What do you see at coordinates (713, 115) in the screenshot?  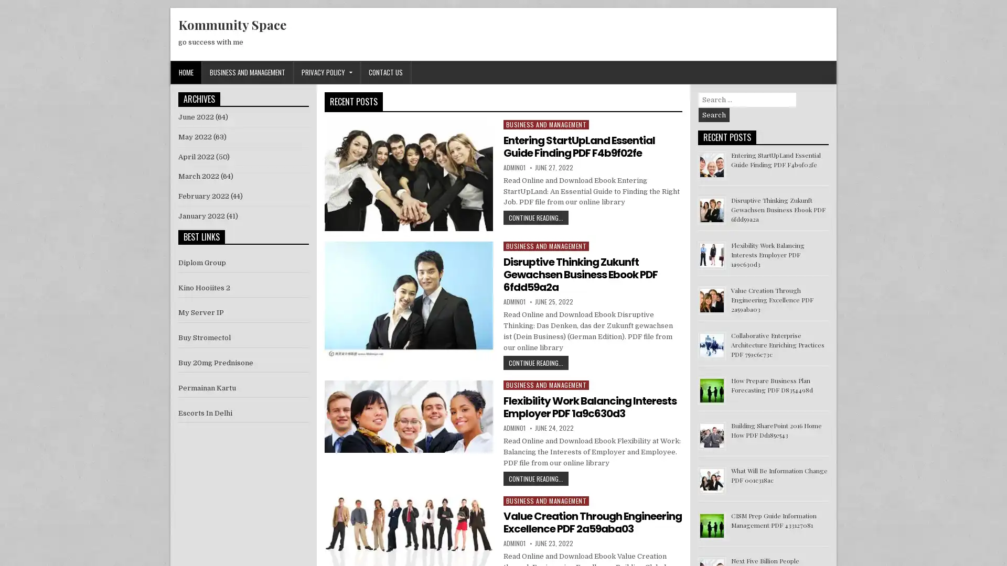 I see `Search` at bounding box center [713, 115].